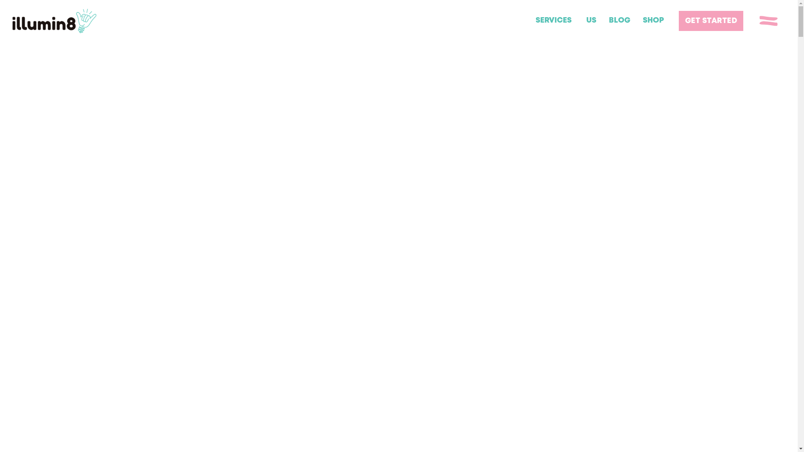 This screenshot has height=452, width=804. I want to click on 'SERVICES', so click(554, 21).